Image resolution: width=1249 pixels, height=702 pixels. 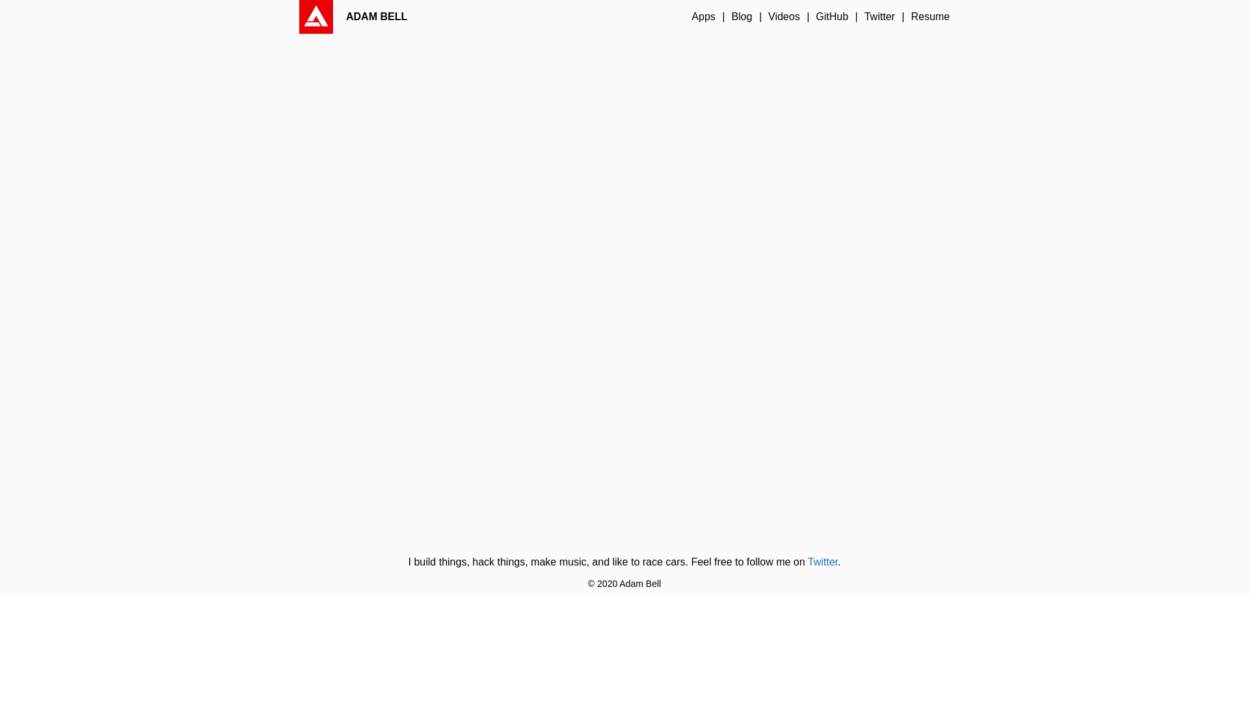 I want to click on 'Apps', so click(x=690, y=16).